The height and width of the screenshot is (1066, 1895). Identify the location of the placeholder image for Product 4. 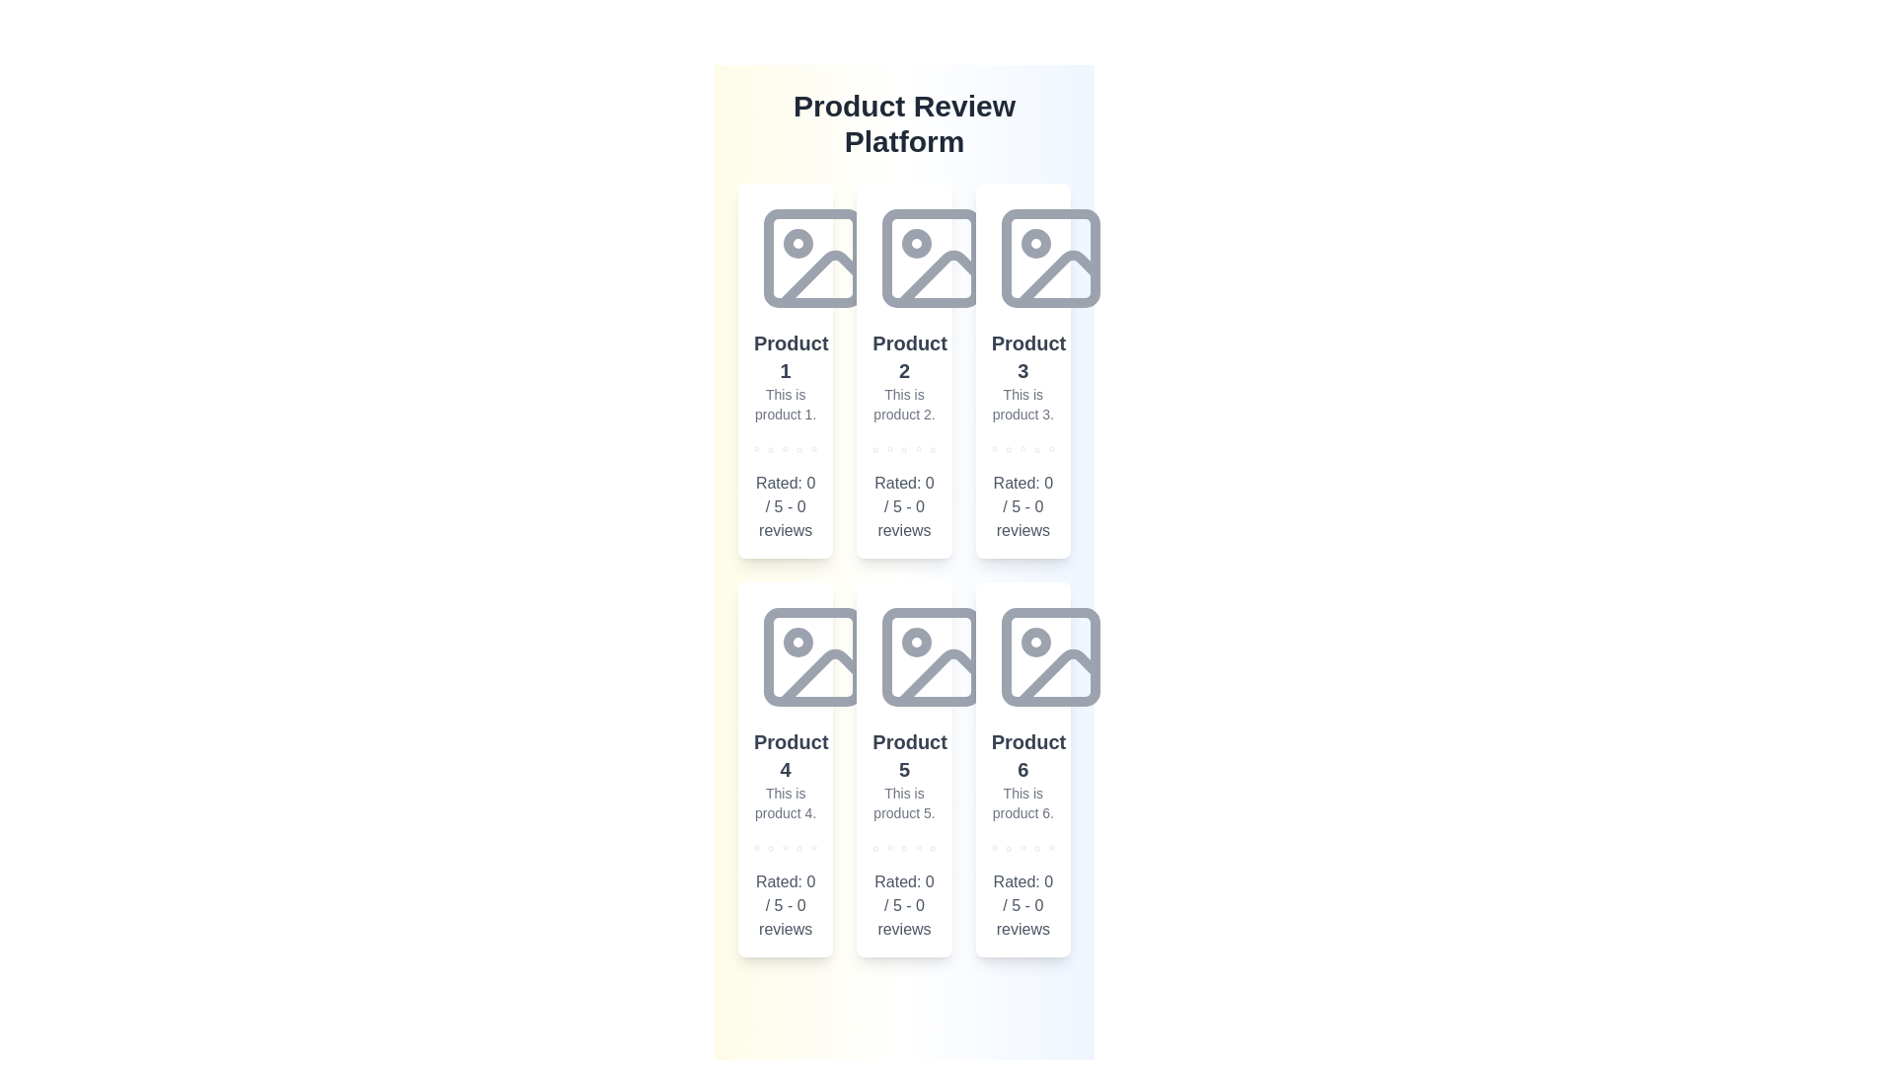
(813, 657).